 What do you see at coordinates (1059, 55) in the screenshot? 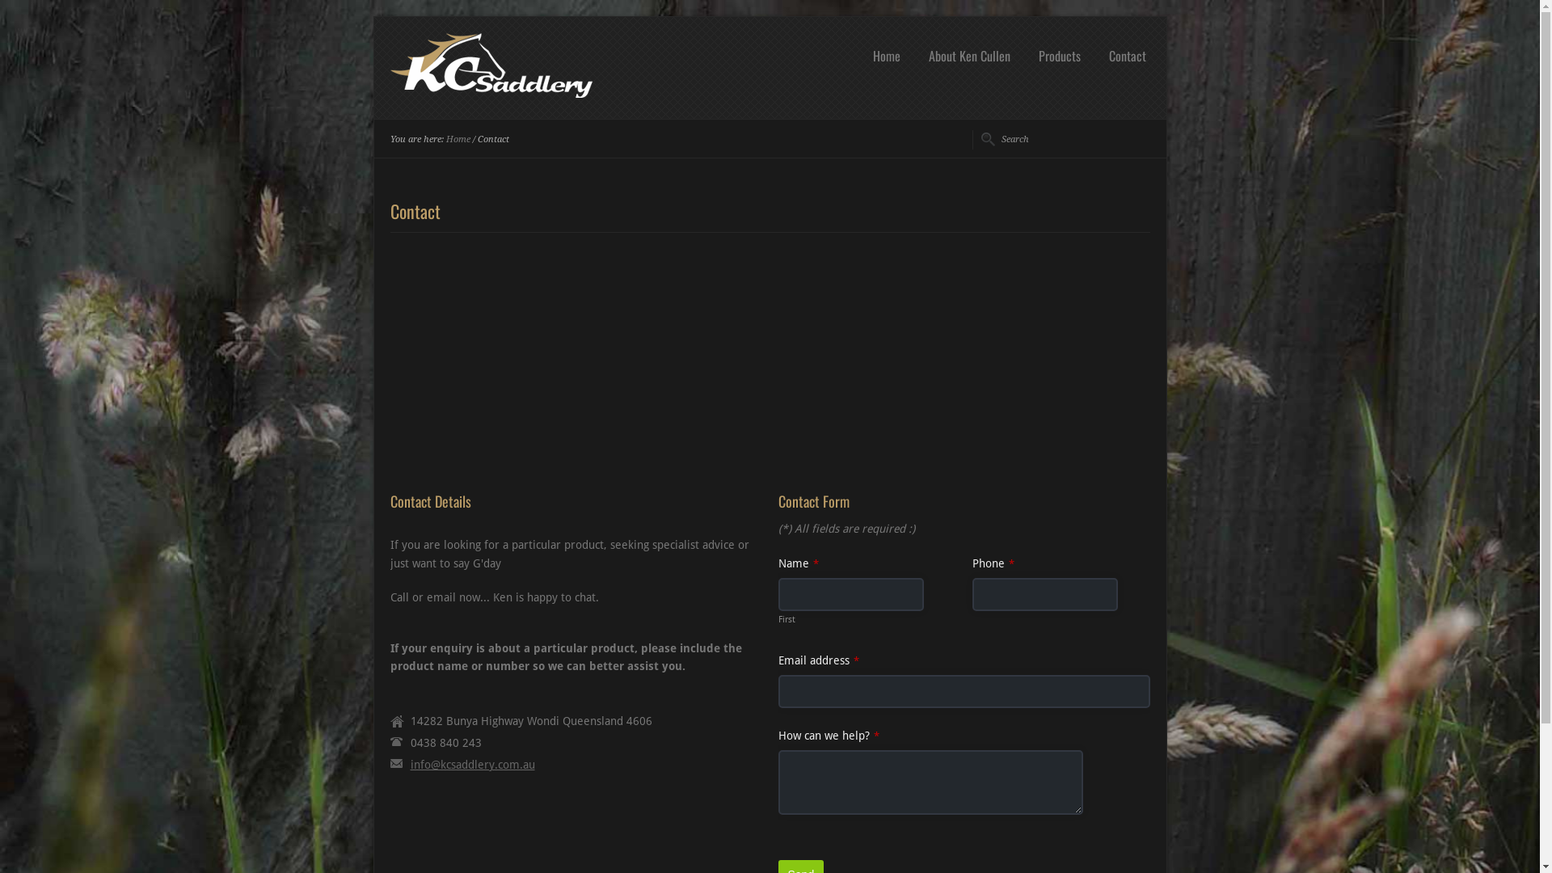
I see `'Products'` at bounding box center [1059, 55].